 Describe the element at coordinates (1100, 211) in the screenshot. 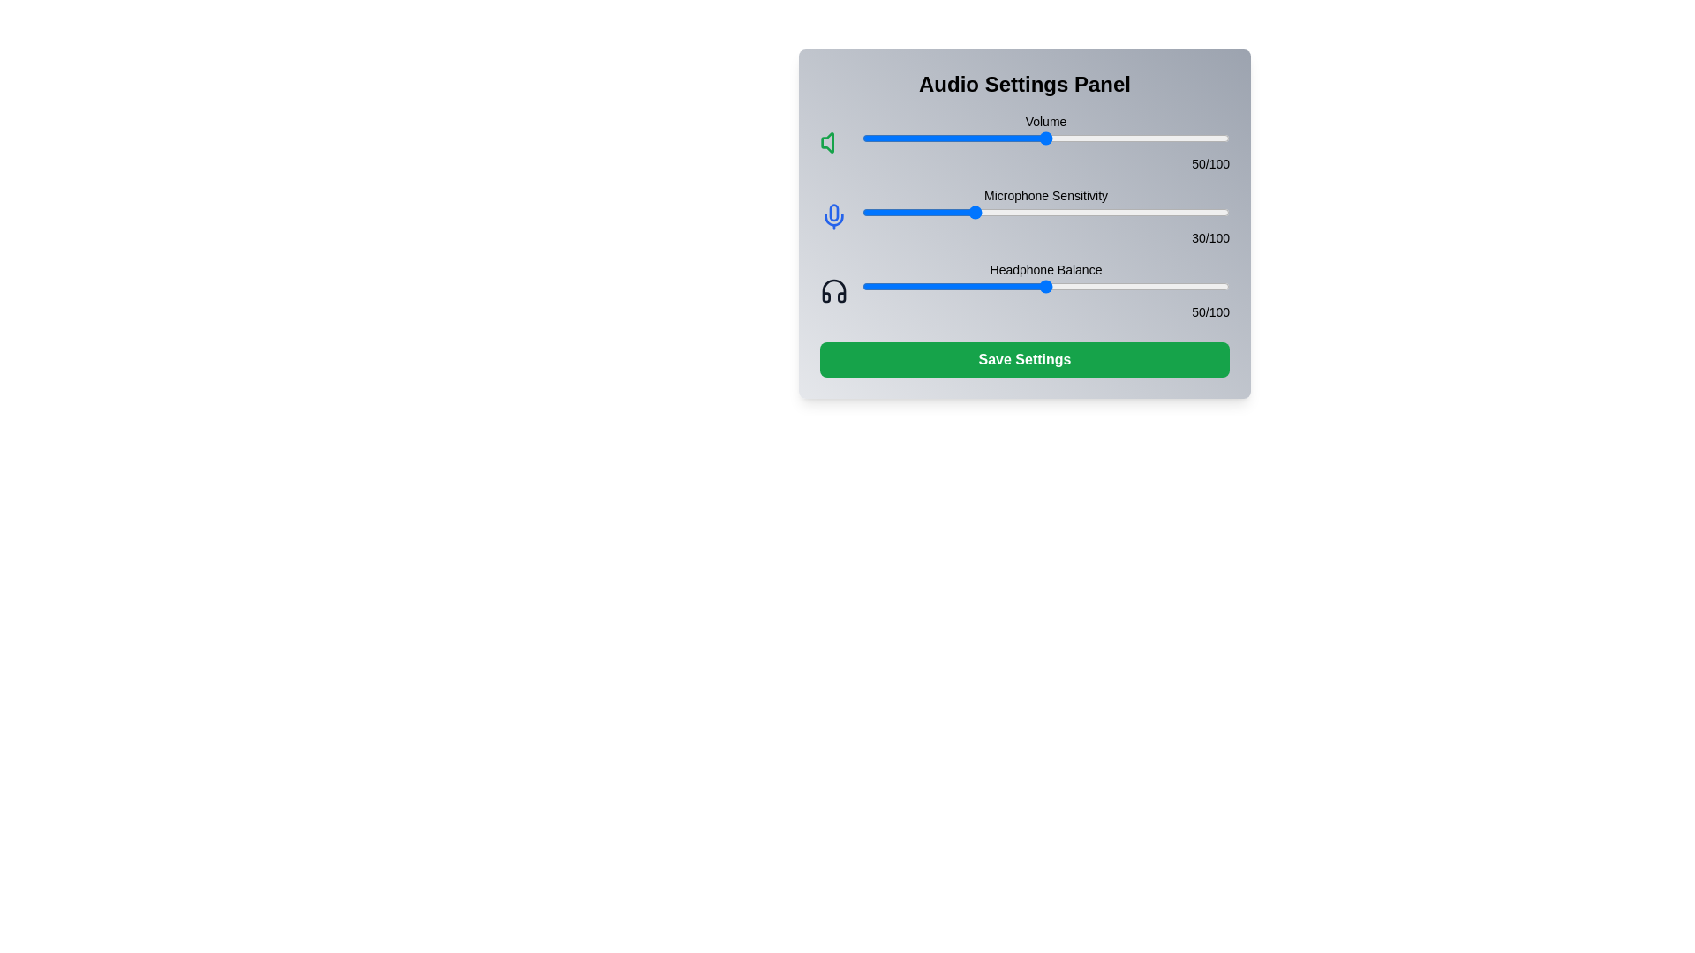

I see `the microphone sensitivity` at that location.